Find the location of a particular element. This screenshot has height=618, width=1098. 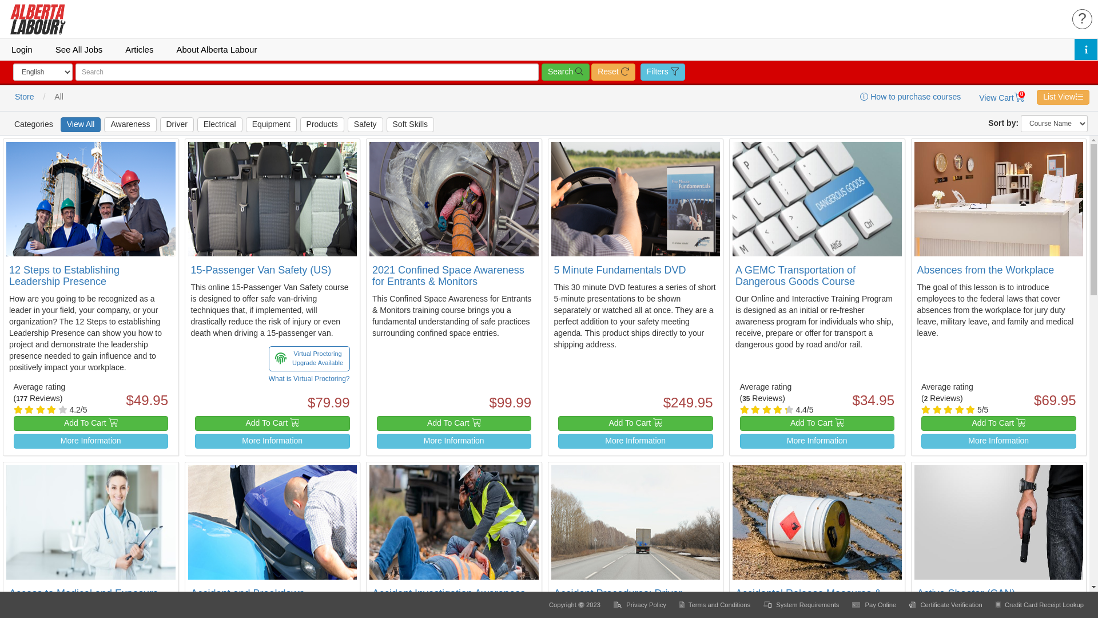

'15-Passenger Van Safety (US)' is located at coordinates (260, 270).